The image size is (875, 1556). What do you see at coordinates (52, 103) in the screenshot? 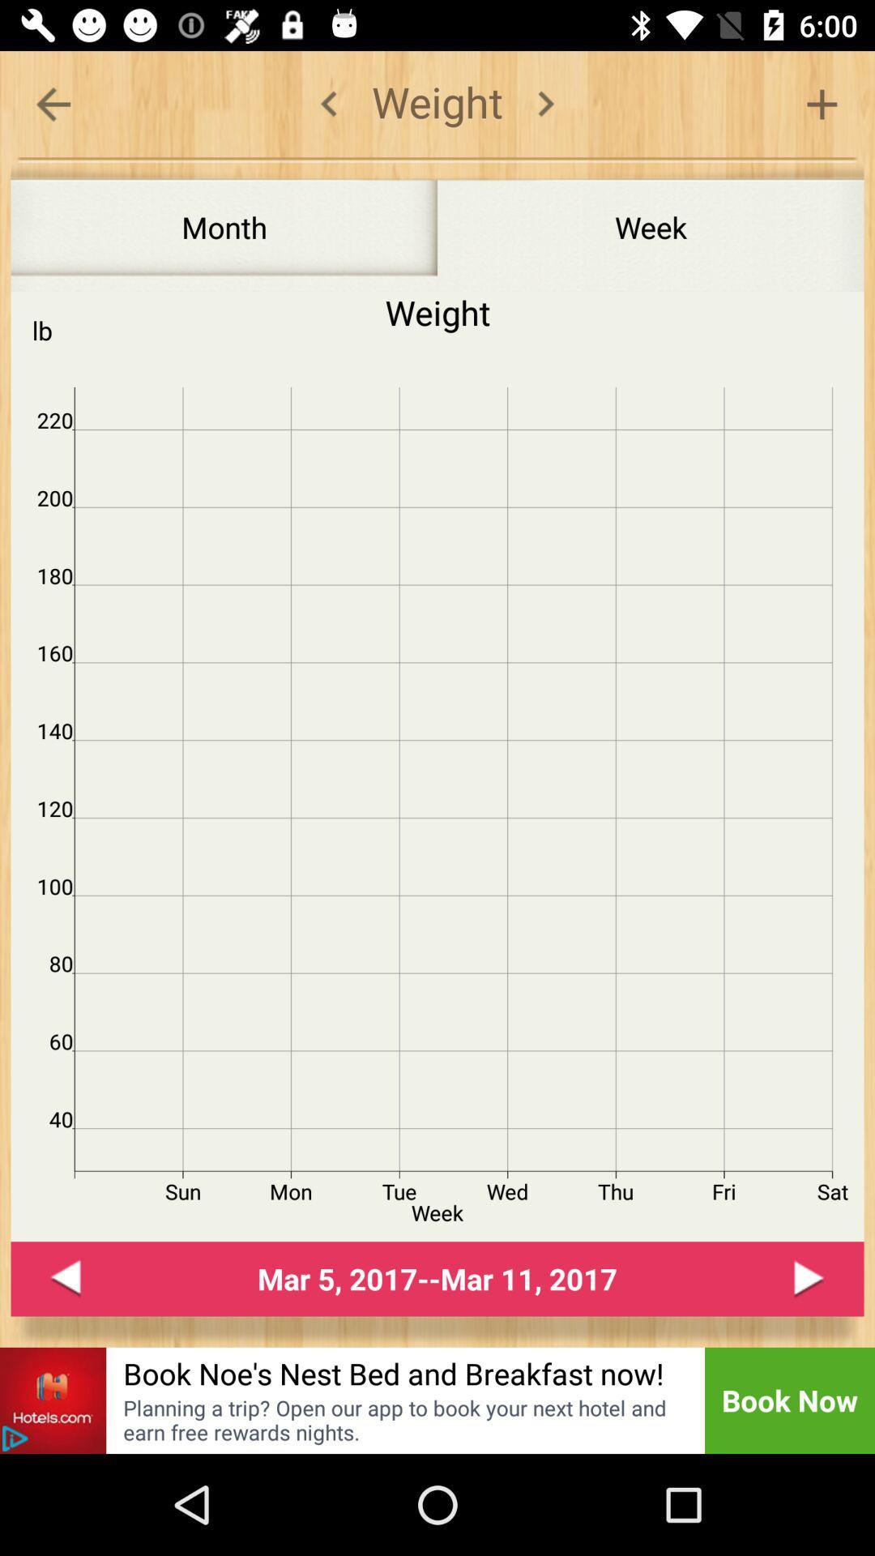
I see `the arrow_backward icon` at bounding box center [52, 103].